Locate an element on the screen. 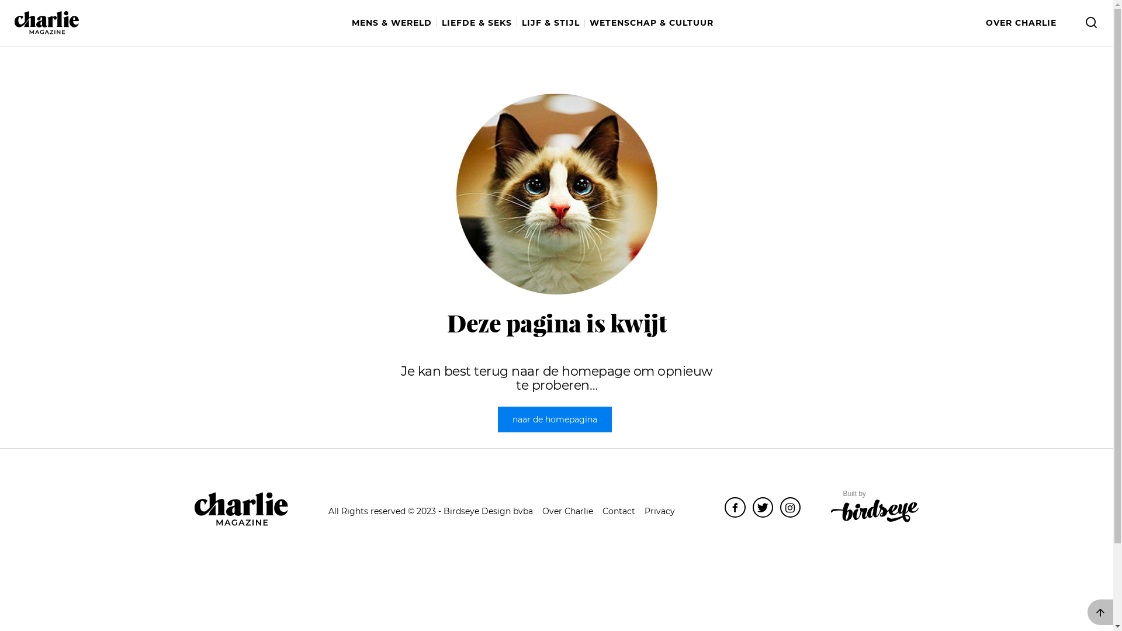  'WETENSCHAP & CULTUUR' is located at coordinates (650, 23).